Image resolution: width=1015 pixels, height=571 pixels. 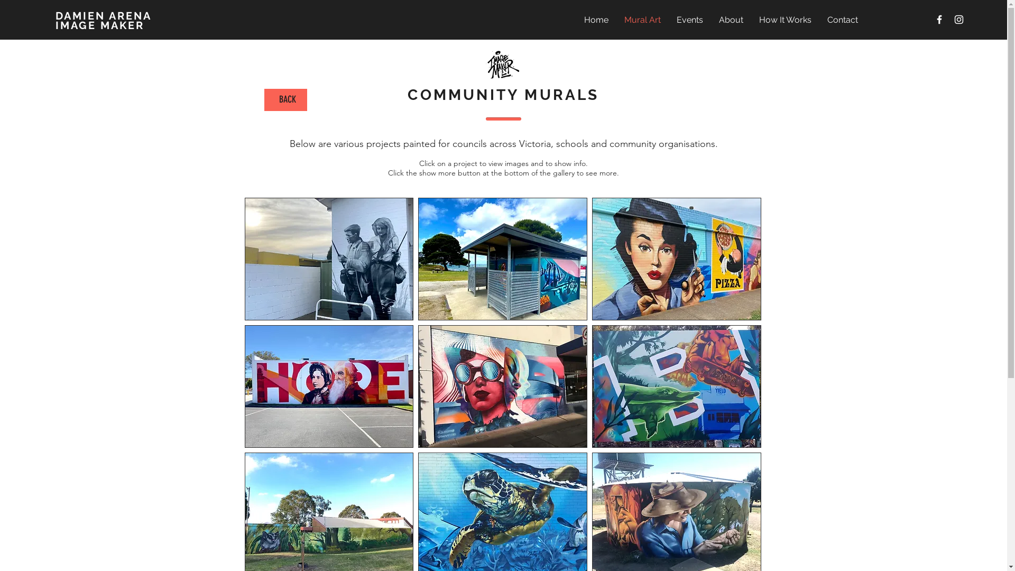 What do you see at coordinates (842, 20) in the screenshot?
I see `'Contact'` at bounding box center [842, 20].